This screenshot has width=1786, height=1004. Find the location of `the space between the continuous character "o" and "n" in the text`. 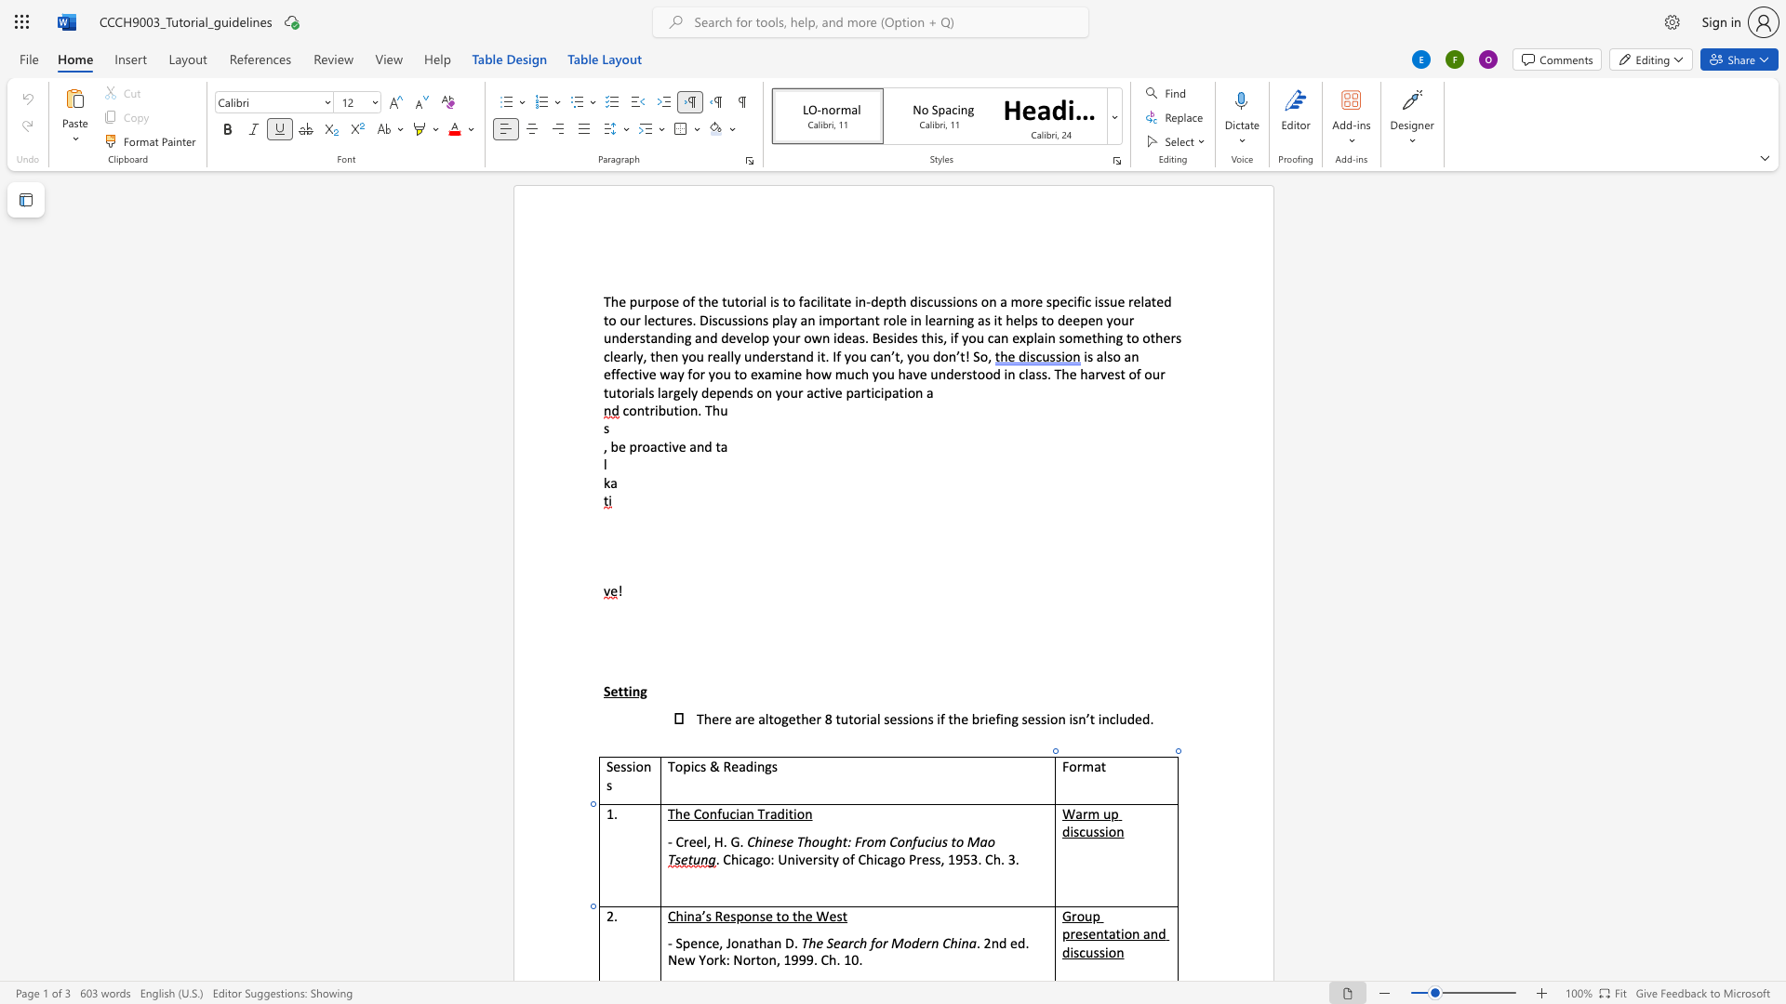

the space between the continuous character "o" and "n" in the text is located at coordinates (752, 915).